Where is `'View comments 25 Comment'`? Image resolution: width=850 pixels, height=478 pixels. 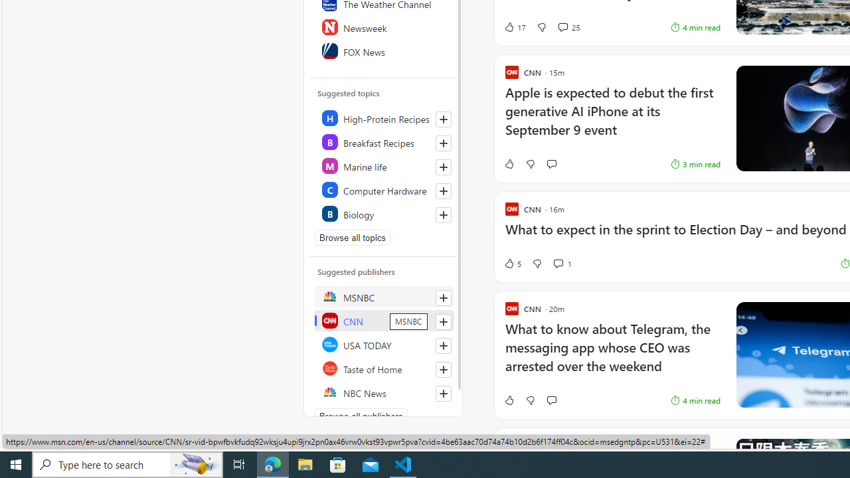 'View comments 25 Comment' is located at coordinates (562, 27).